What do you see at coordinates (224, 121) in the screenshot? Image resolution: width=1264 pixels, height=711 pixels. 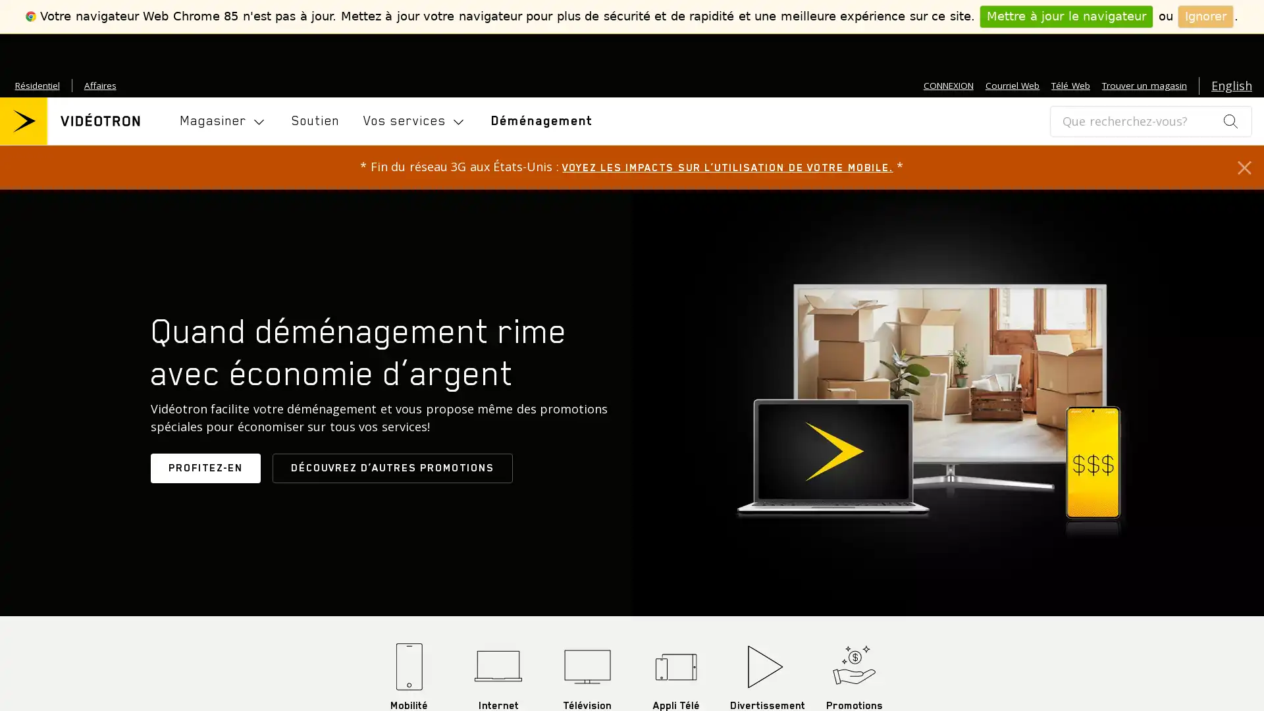 I see `Toggle navigation` at bounding box center [224, 121].